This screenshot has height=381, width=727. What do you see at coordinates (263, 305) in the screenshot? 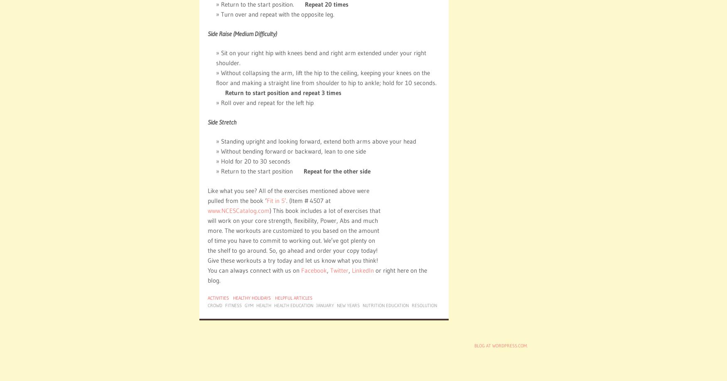
I see `'Health'` at bounding box center [263, 305].